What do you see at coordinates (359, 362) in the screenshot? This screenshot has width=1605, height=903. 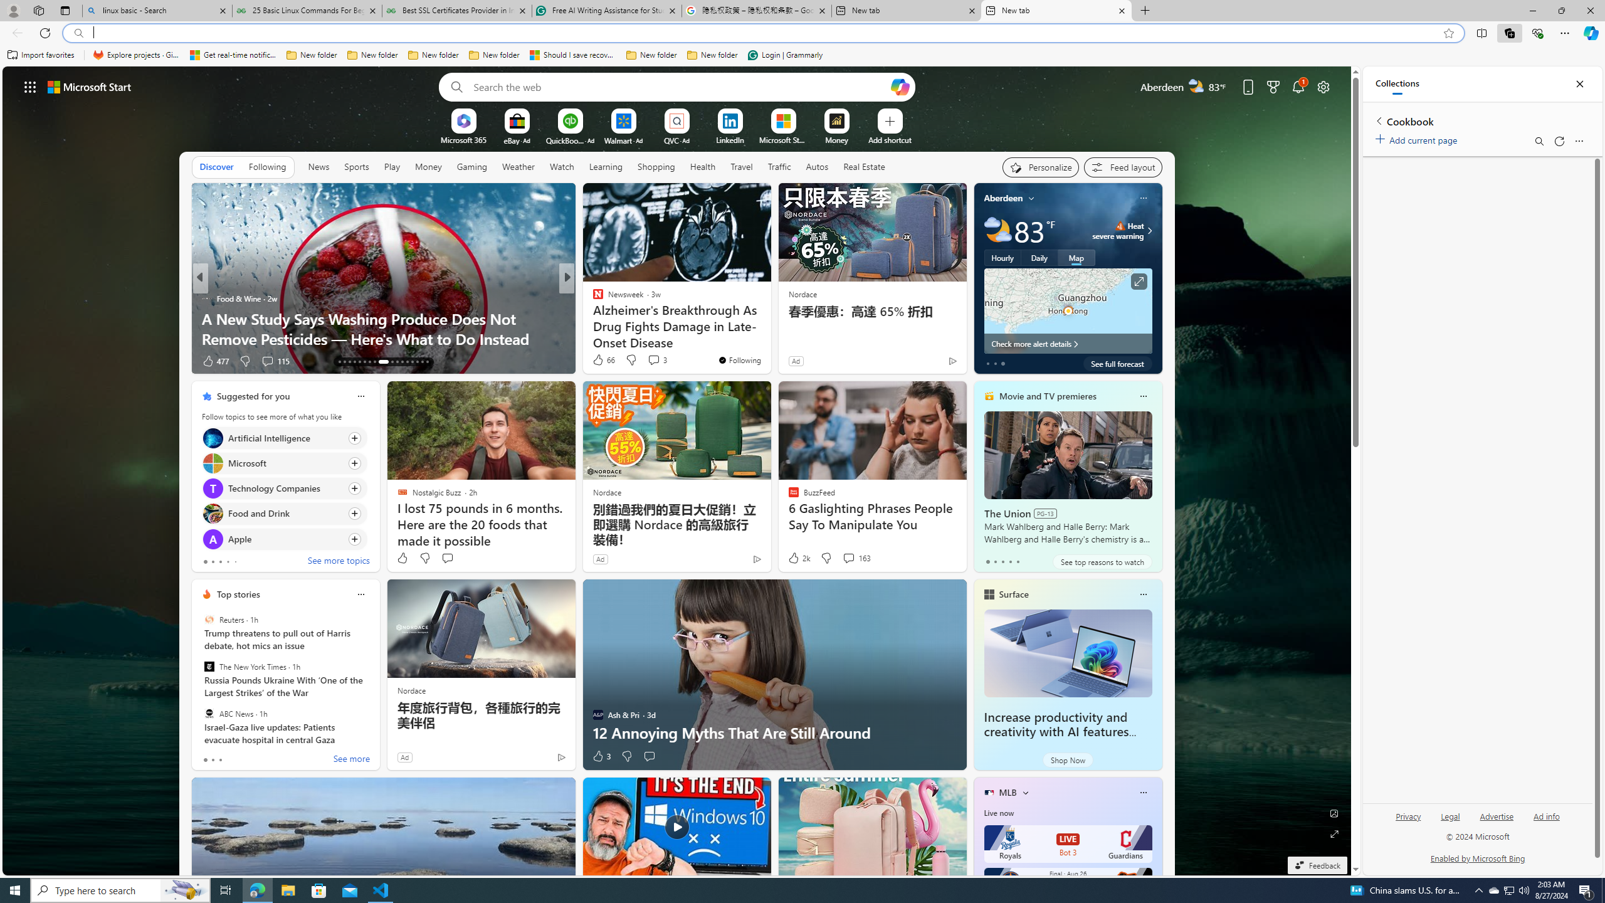 I see `'AutomationID: tab-17'` at bounding box center [359, 362].